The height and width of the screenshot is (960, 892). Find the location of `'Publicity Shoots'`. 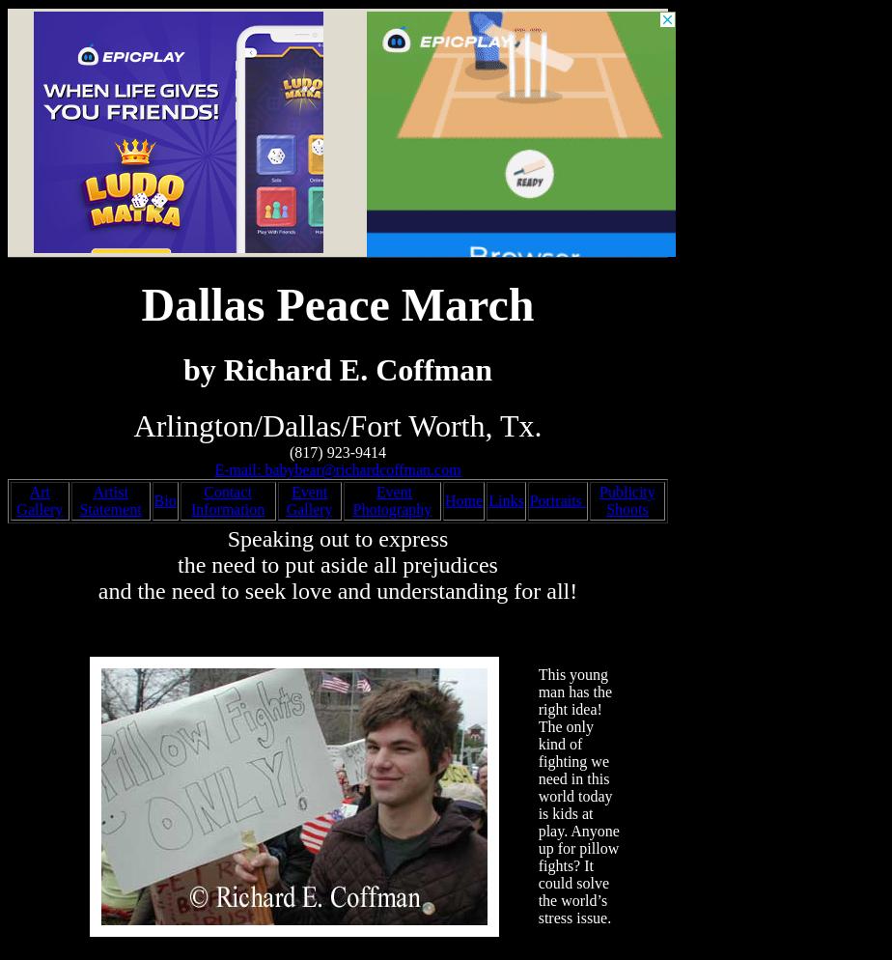

'Publicity Shoots' is located at coordinates (627, 500).